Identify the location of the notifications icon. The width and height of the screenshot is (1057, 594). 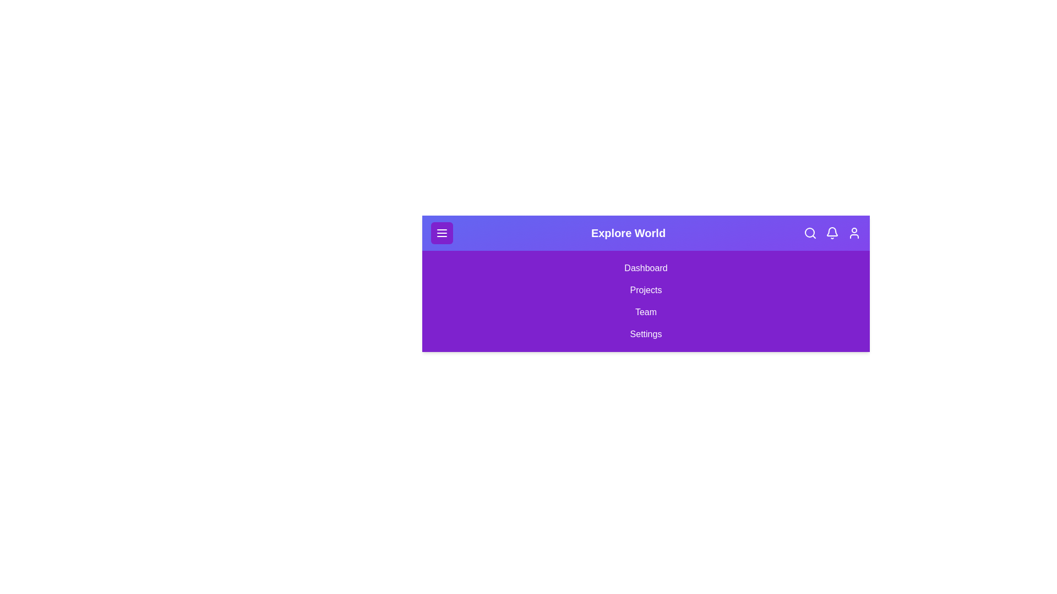
(832, 233).